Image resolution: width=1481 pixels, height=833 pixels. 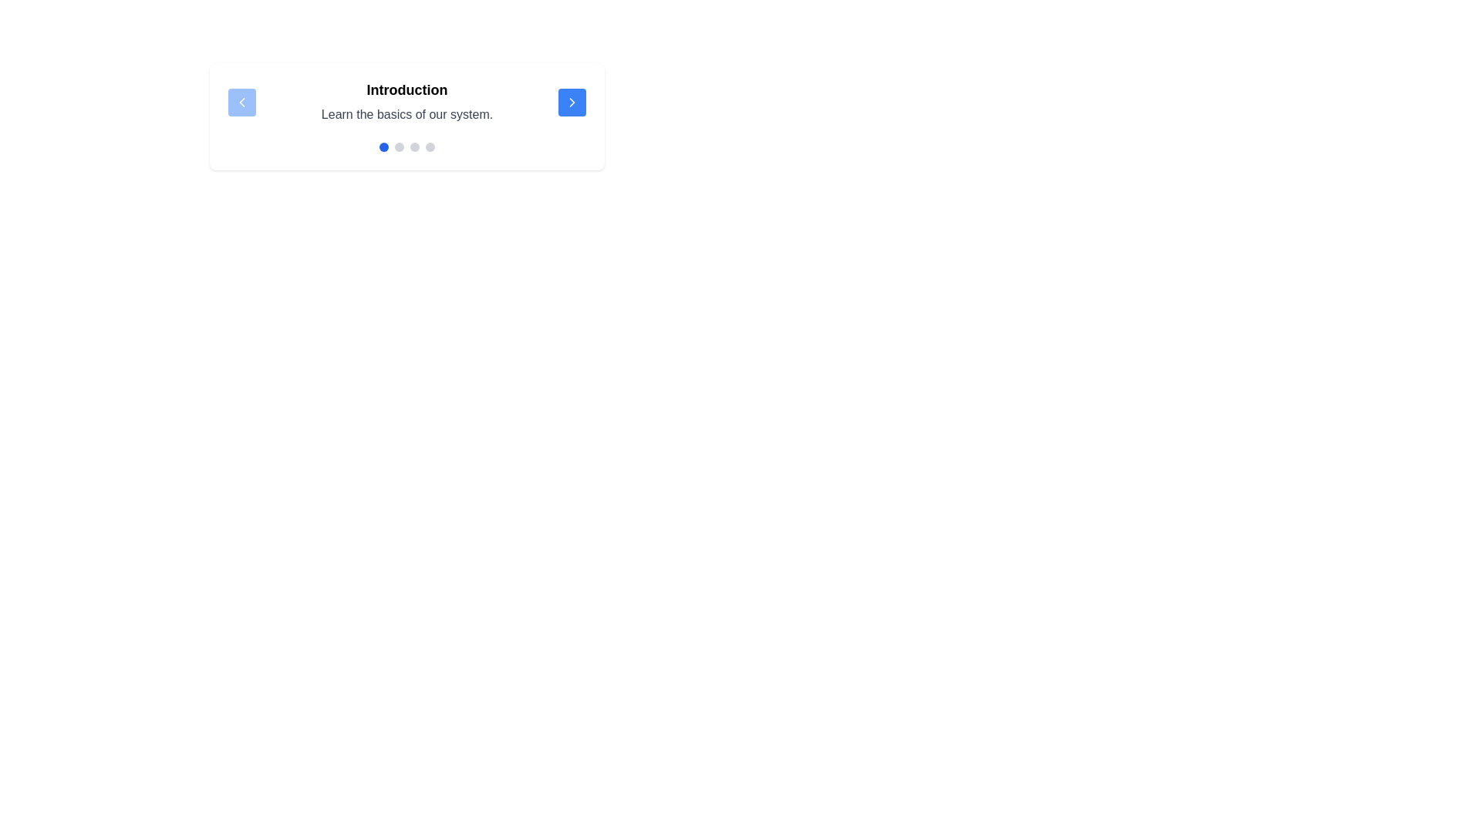 I want to click on the blue circular Indicator dot, which is the first in a sequence of four similar gray indicators positioned horizontally beneath the text 'Learn the basics of our system.', so click(x=384, y=147).